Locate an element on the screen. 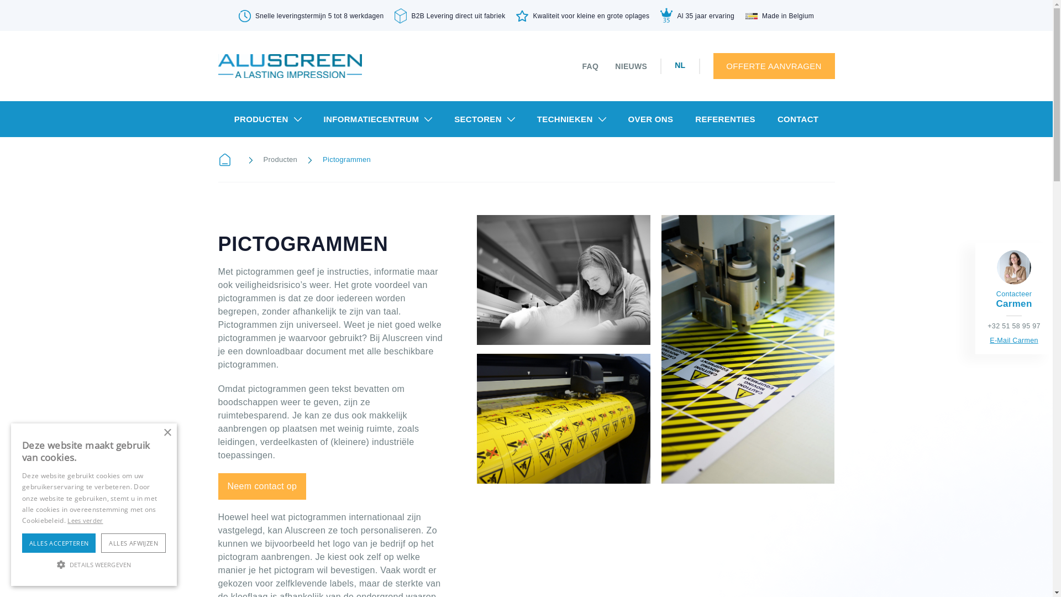 The width and height of the screenshot is (1061, 597). 'TECHNIEKEN' is located at coordinates (571, 119).